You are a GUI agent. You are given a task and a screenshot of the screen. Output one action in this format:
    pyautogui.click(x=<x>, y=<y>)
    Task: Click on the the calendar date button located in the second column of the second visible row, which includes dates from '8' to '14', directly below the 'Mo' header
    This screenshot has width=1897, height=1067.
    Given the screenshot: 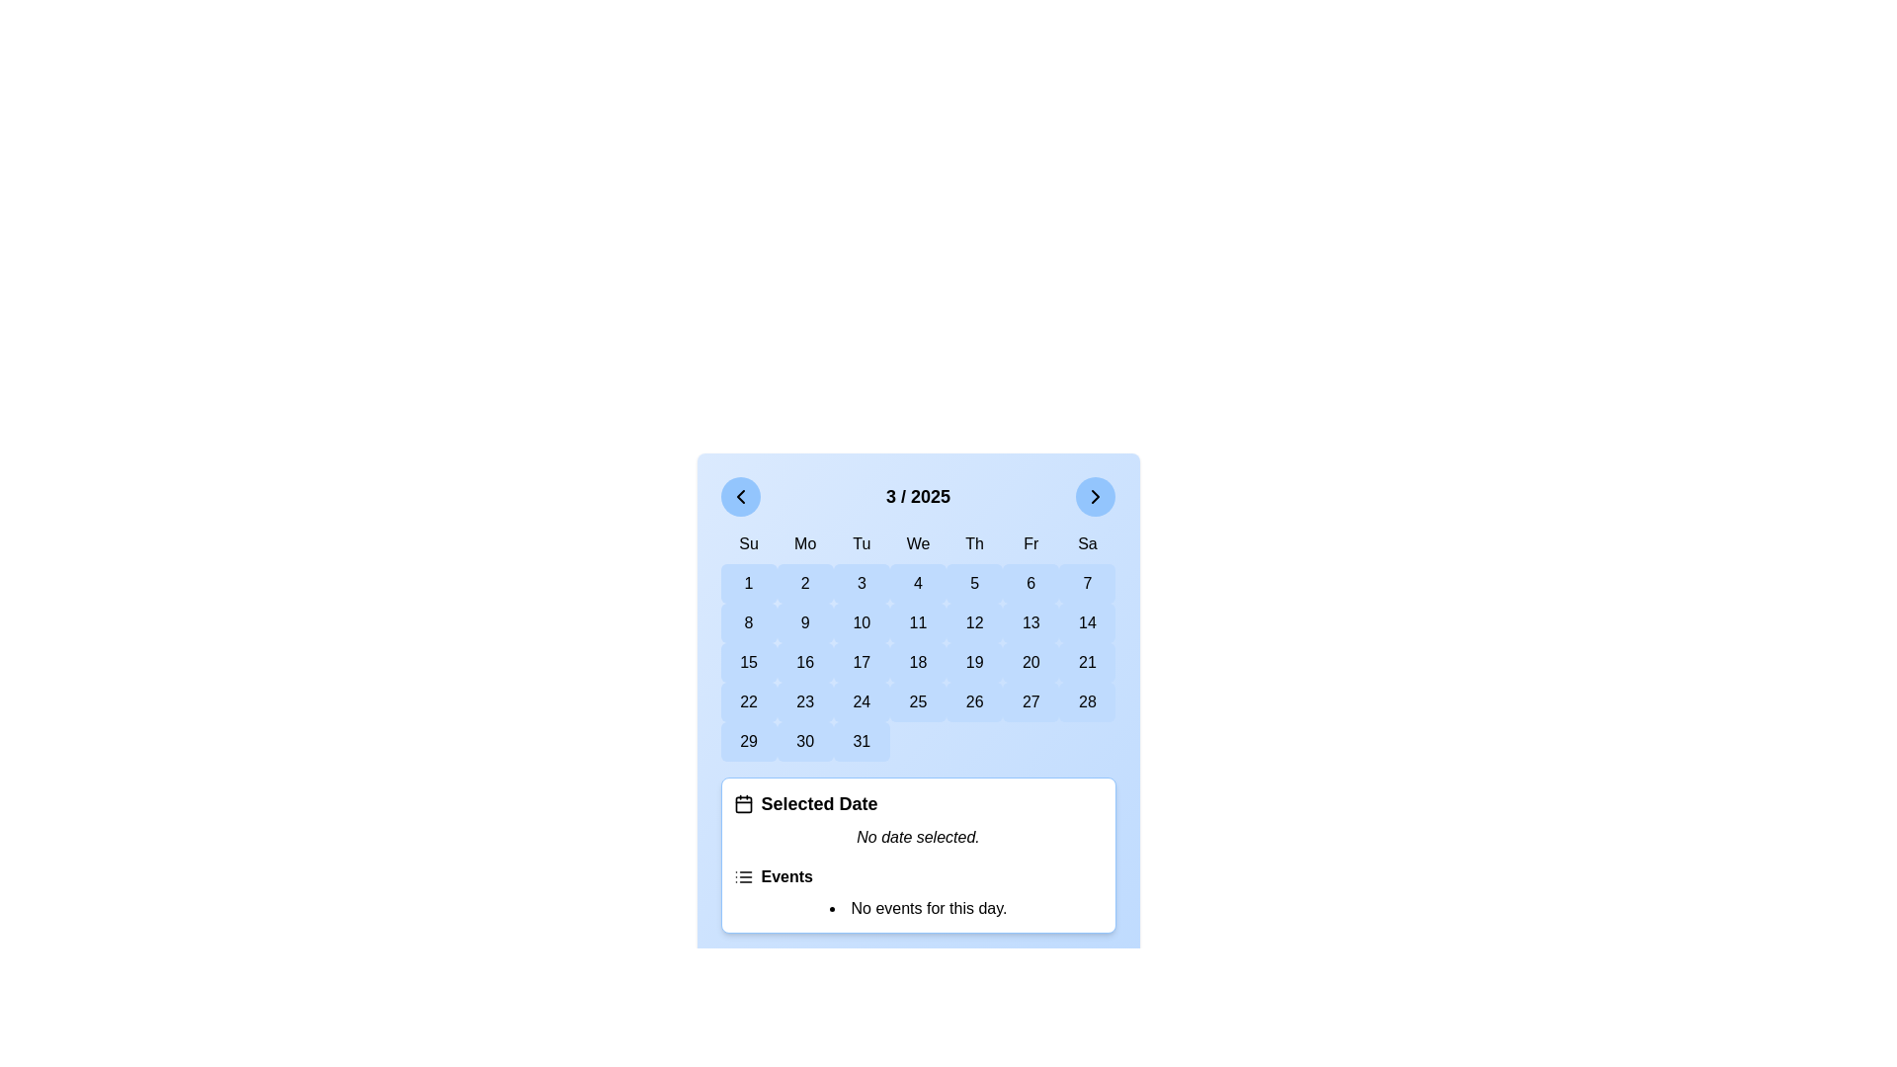 What is the action you would take?
    pyautogui.click(x=805, y=623)
    